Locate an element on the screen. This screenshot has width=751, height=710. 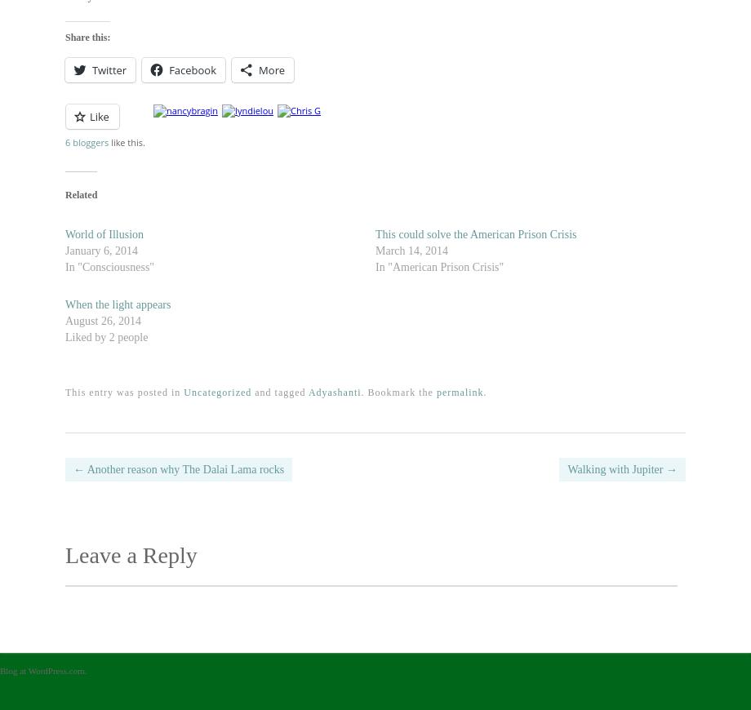
'Post navigation' is located at coordinates (155, 479).